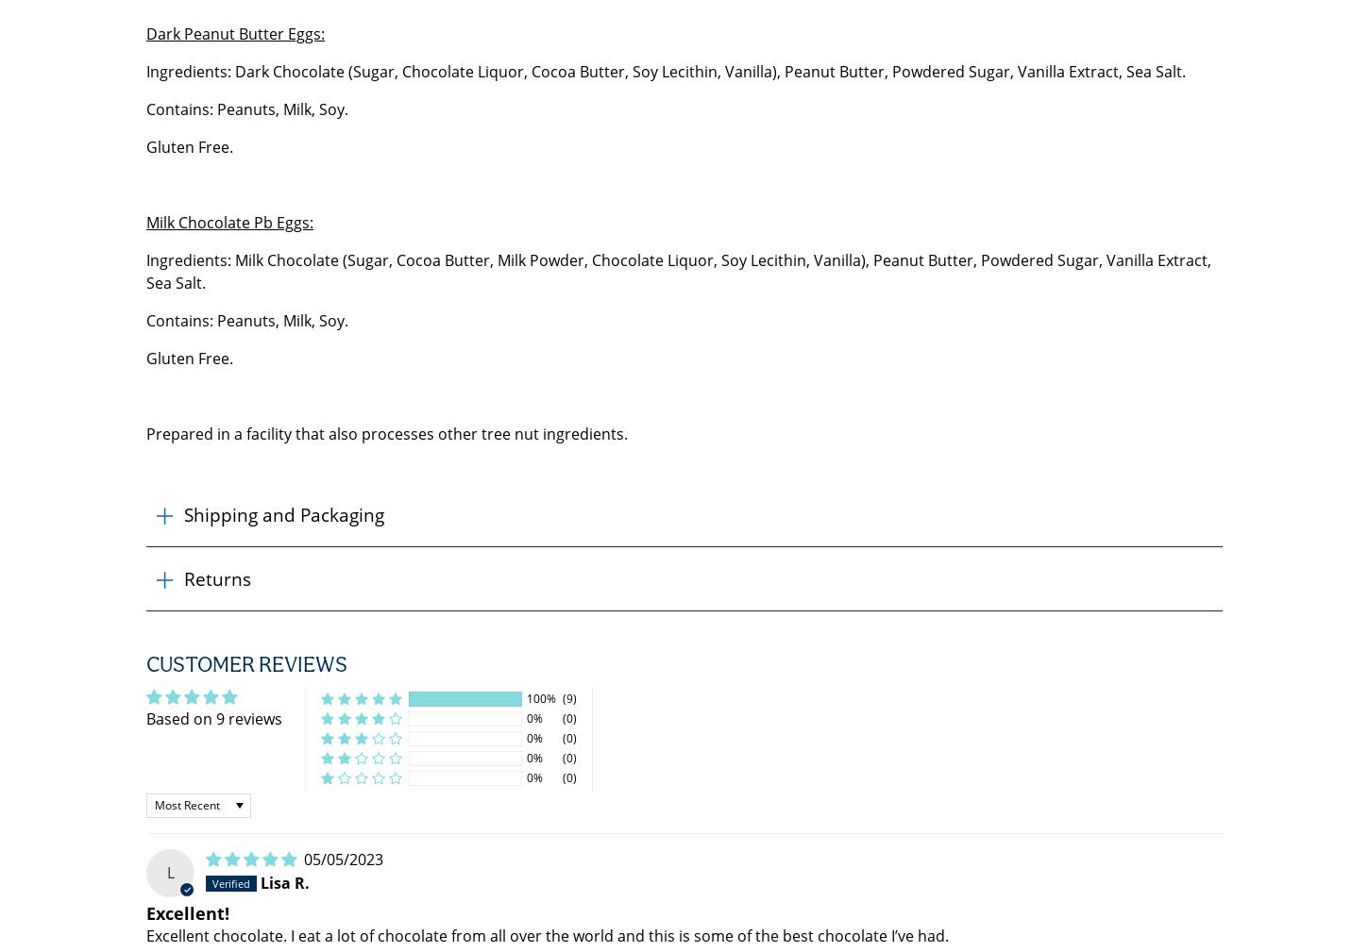 The height and width of the screenshot is (952, 1369). I want to click on 'Excellent chocolate. I eat a lot of chocolate from all over the world and this is some of the best chocolate I’ve had.', so click(548, 936).